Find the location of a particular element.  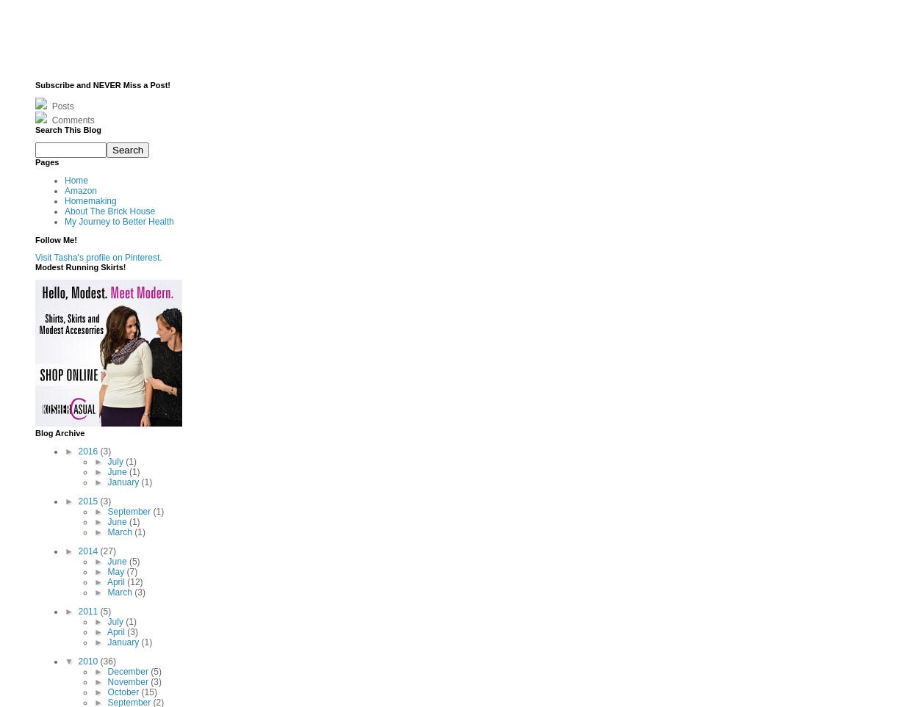

'(36)' is located at coordinates (107, 660).